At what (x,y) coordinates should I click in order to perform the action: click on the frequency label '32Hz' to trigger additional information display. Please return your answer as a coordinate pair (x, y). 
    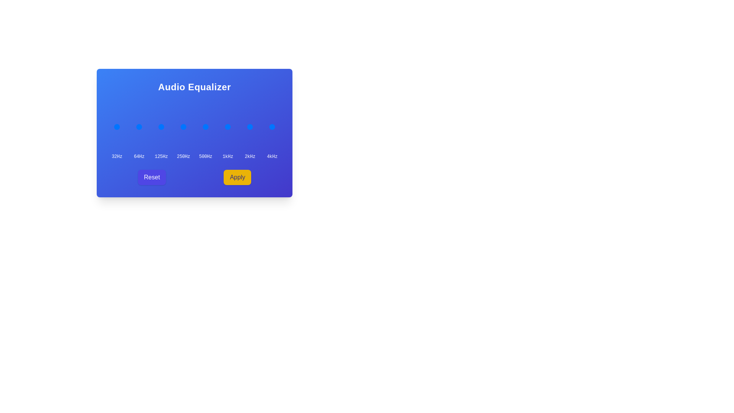
    Looking at the image, I should click on (116, 131).